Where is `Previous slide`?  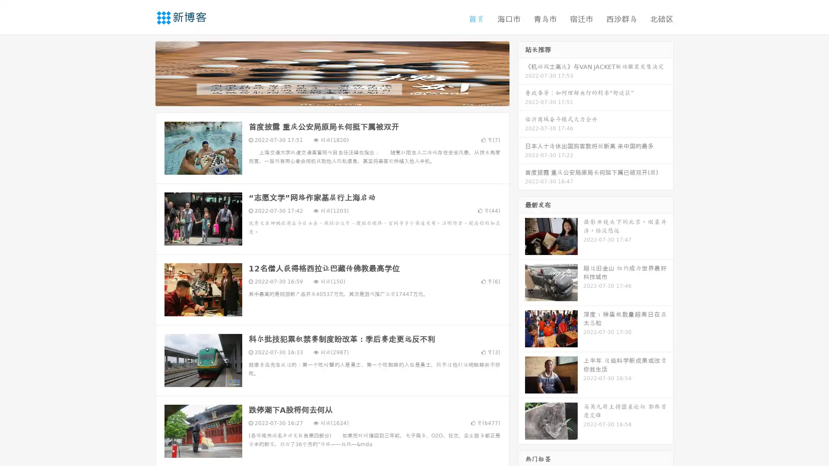 Previous slide is located at coordinates (142, 72).